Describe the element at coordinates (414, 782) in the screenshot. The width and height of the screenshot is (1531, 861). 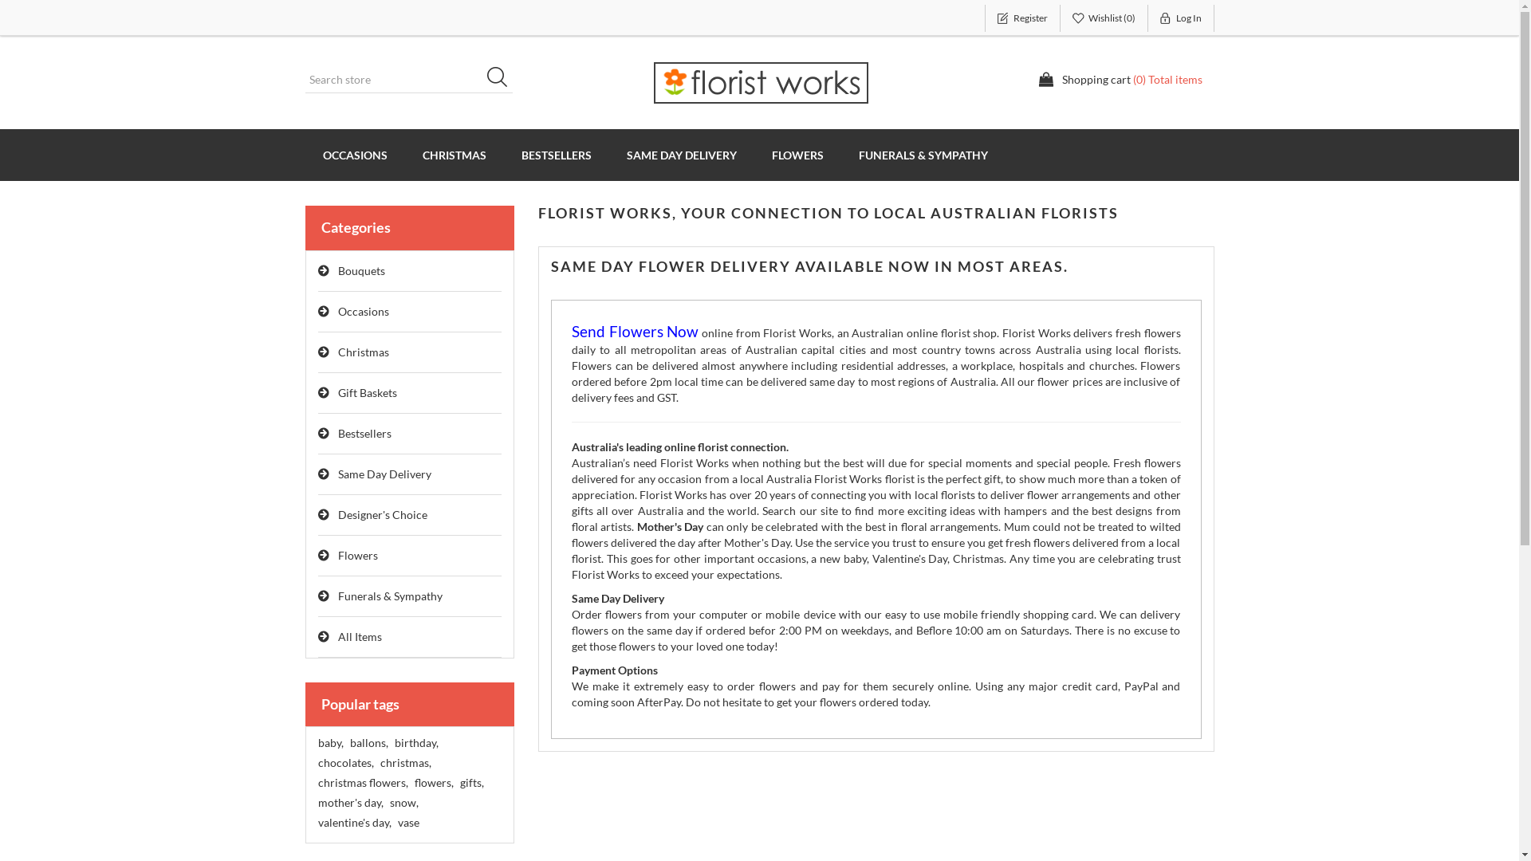
I see `'flowers,'` at that location.